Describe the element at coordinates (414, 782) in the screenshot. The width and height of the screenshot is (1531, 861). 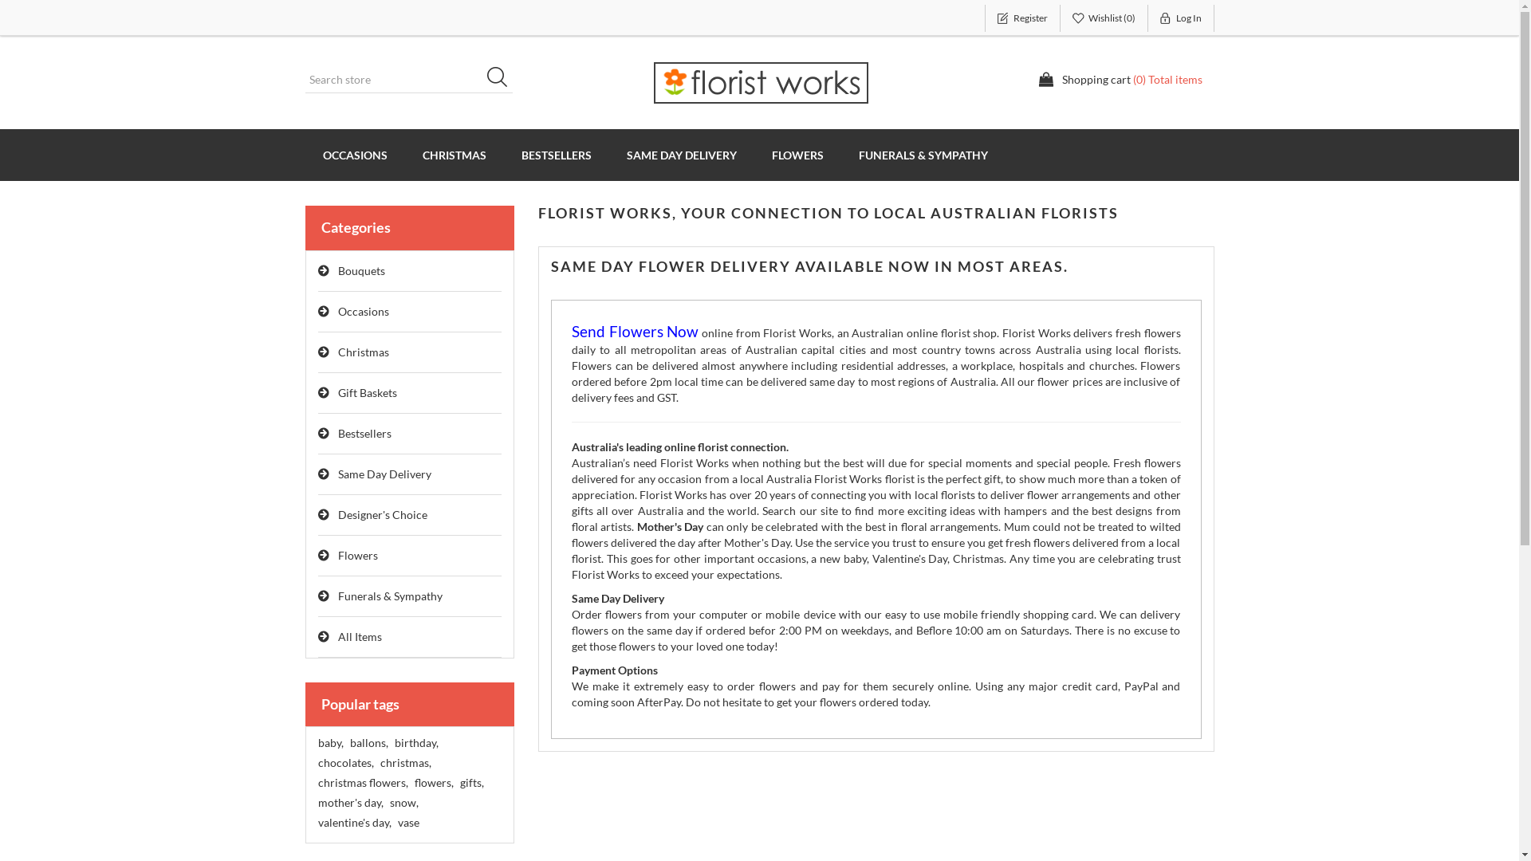
I see `'flowers,'` at that location.